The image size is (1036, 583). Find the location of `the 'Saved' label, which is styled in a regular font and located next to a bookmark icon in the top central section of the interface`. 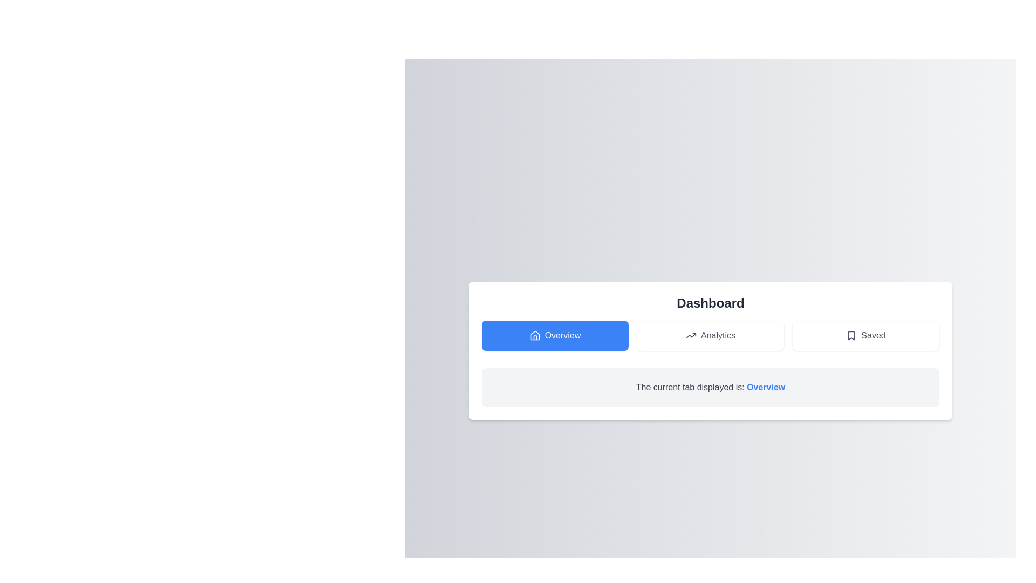

the 'Saved' label, which is styled in a regular font and located next to a bookmark icon in the top central section of the interface is located at coordinates (873, 335).